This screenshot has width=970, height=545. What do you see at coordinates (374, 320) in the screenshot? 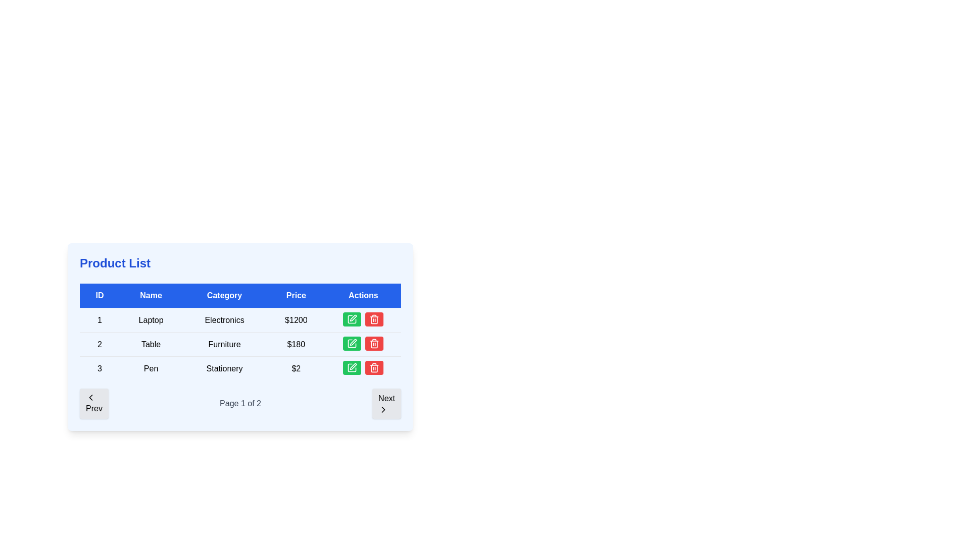
I see `the main body of the trash bin icon, which is part of the actions in the third row of the table` at bounding box center [374, 320].